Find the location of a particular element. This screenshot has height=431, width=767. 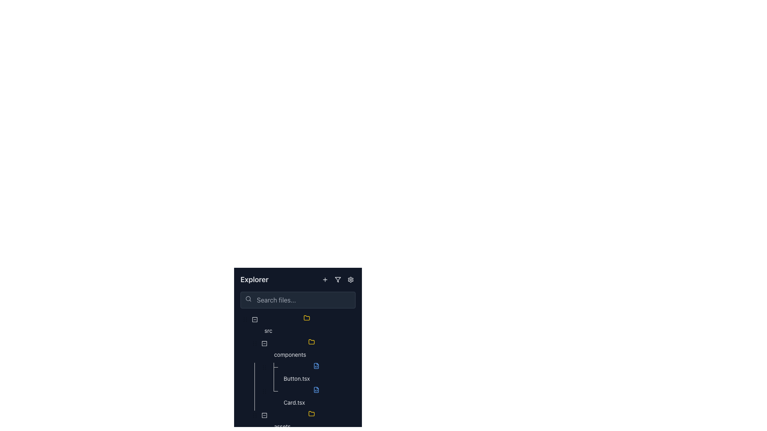

the text label representing the file 'Card.tsx' in the navigation pane is located at coordinates (294, 403).